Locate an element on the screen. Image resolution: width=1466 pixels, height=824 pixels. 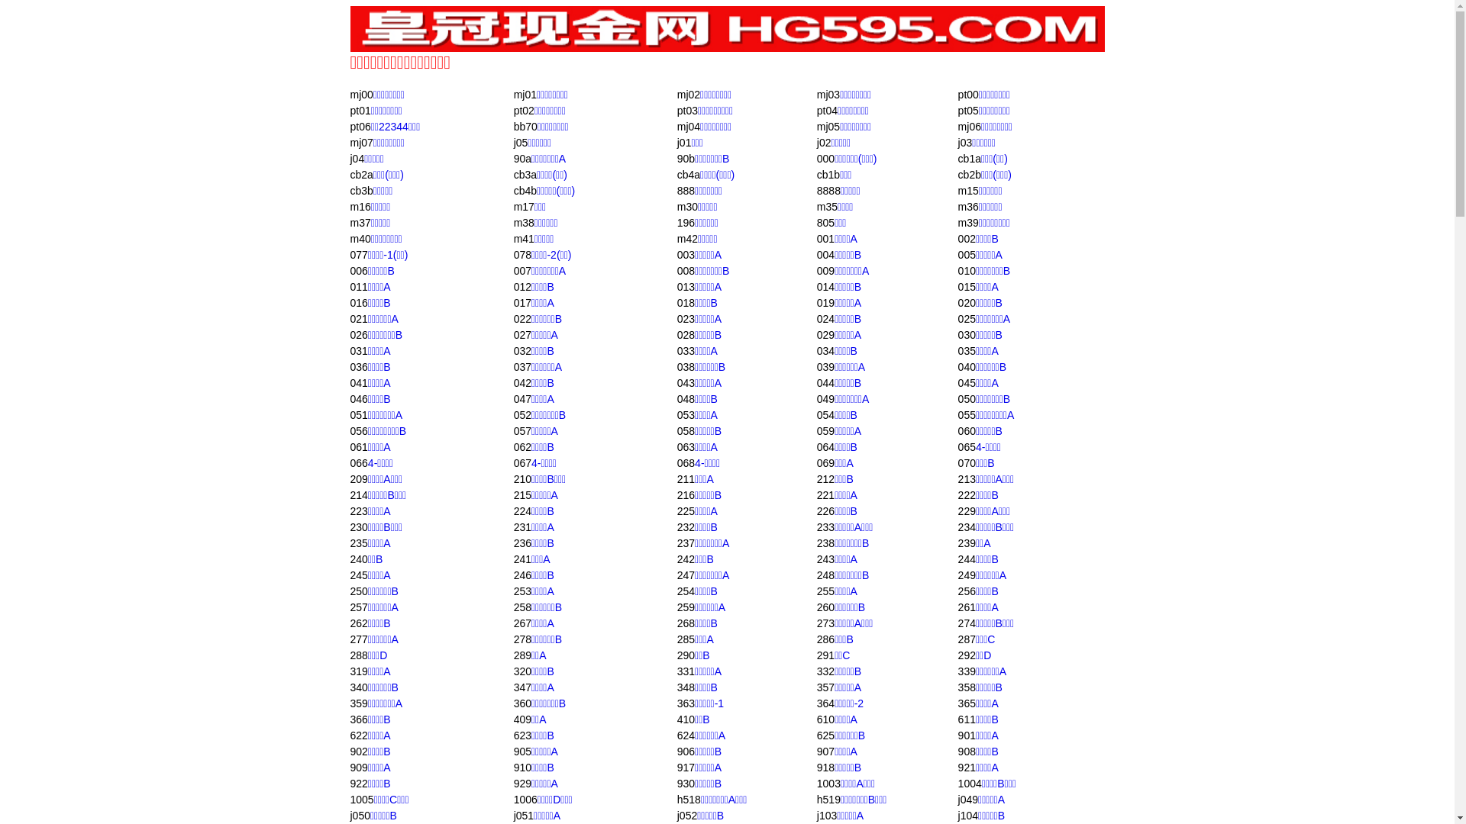
'043' is located at coordinates (685, 381).